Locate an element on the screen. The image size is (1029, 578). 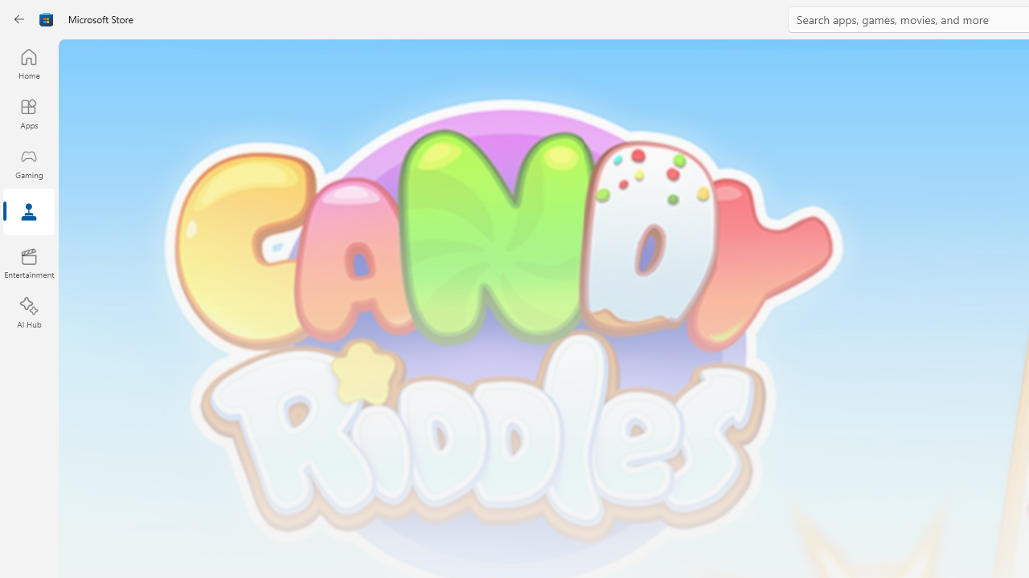
'Entertainment' is located at coordinates (28, 262).